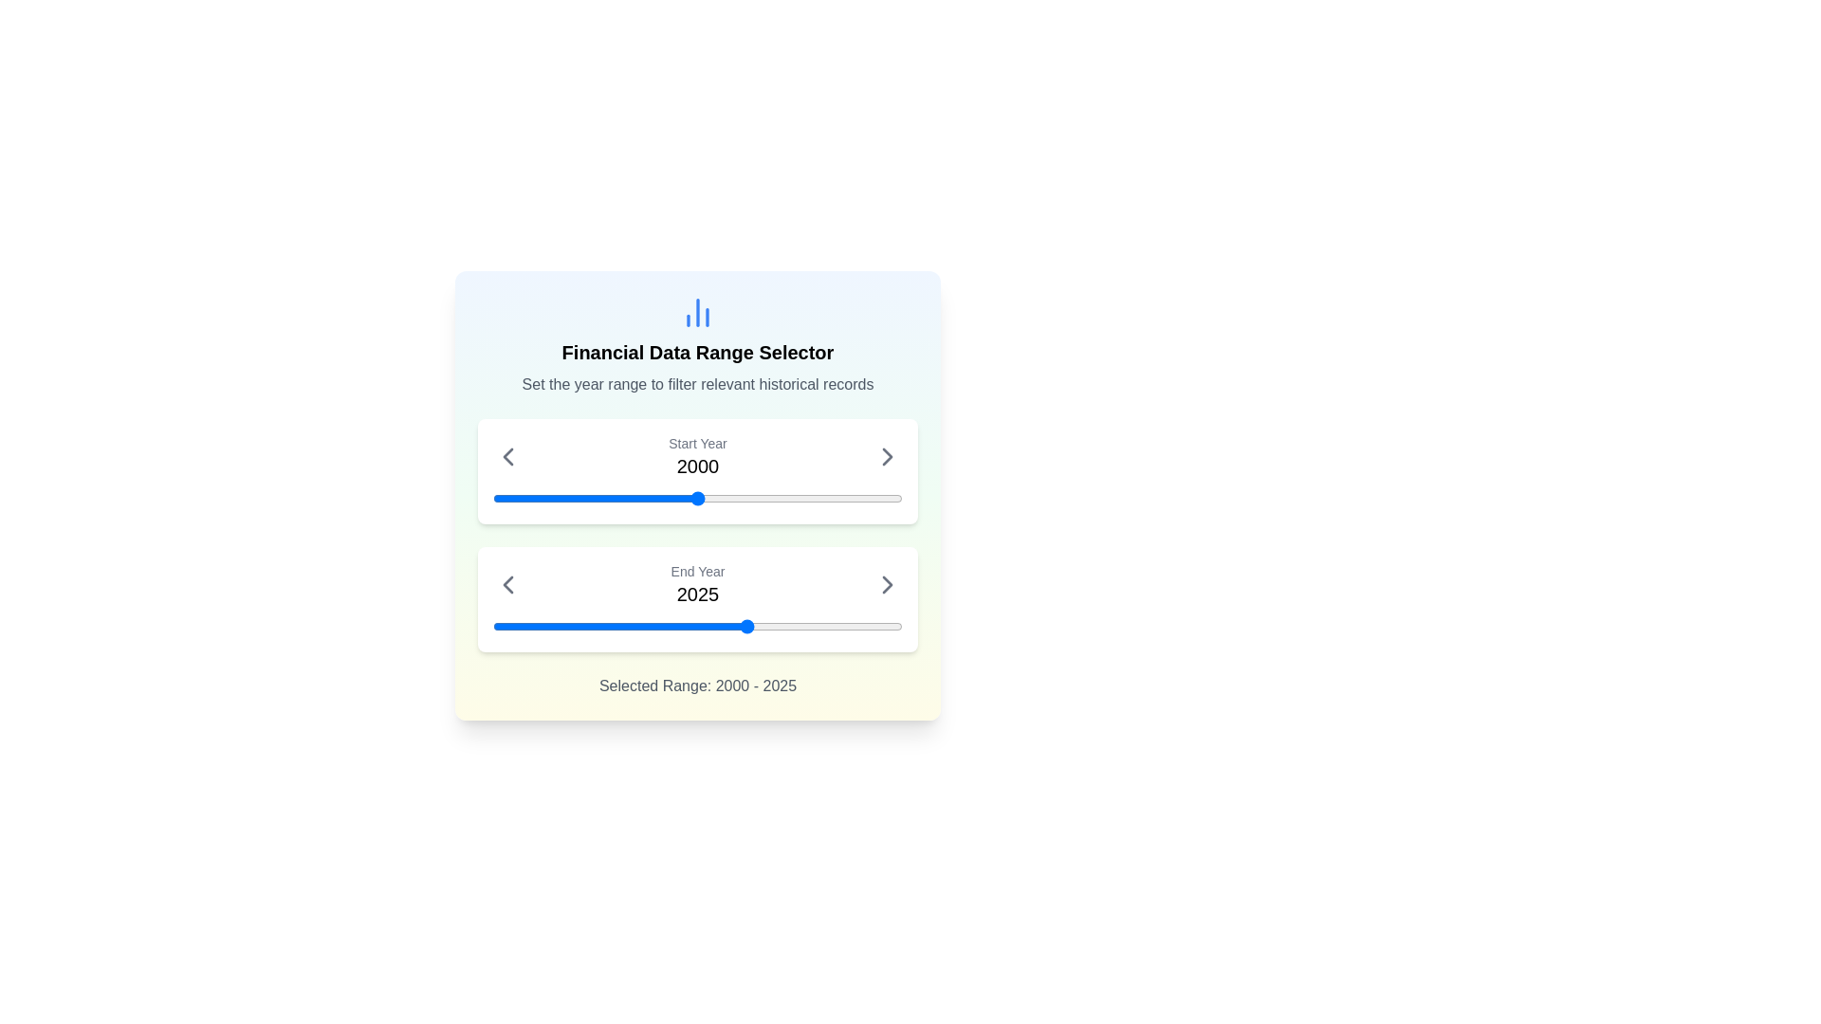  Describe the element at coordinates (782, 497) in the screenshot. I see `the start year of the range` at that location.